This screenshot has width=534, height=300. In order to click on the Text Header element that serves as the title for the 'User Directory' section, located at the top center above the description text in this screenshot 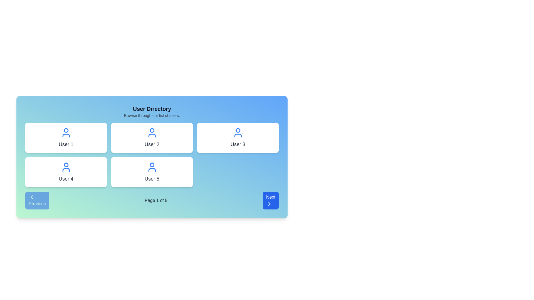, I will do `click(152, 109)`.